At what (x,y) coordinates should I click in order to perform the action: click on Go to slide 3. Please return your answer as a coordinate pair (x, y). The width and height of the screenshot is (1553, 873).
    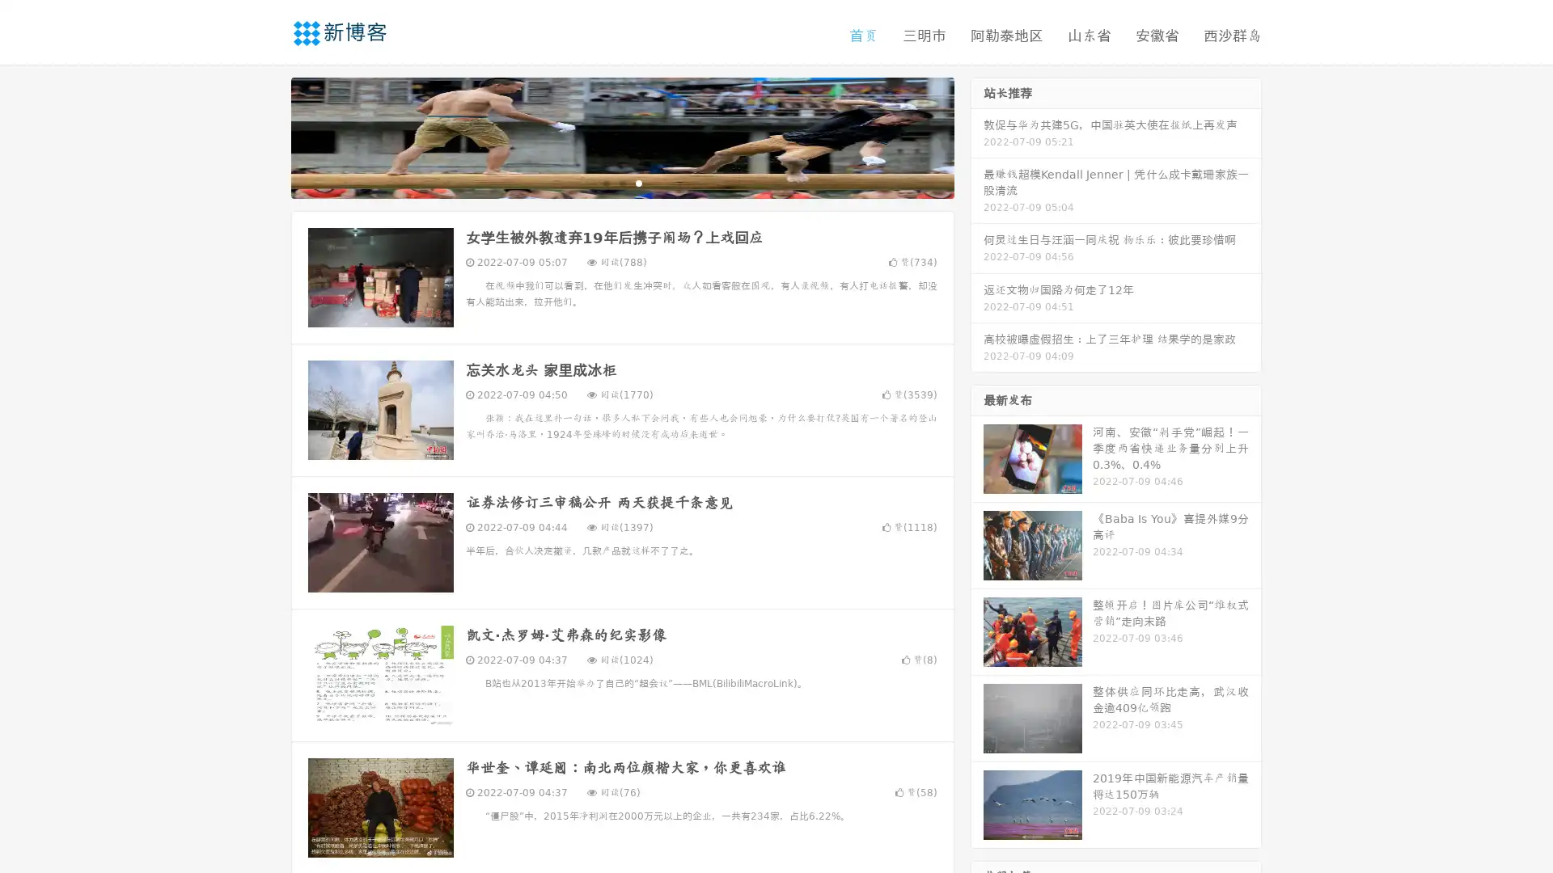
    Looking at the image, I should click on (638, 182).